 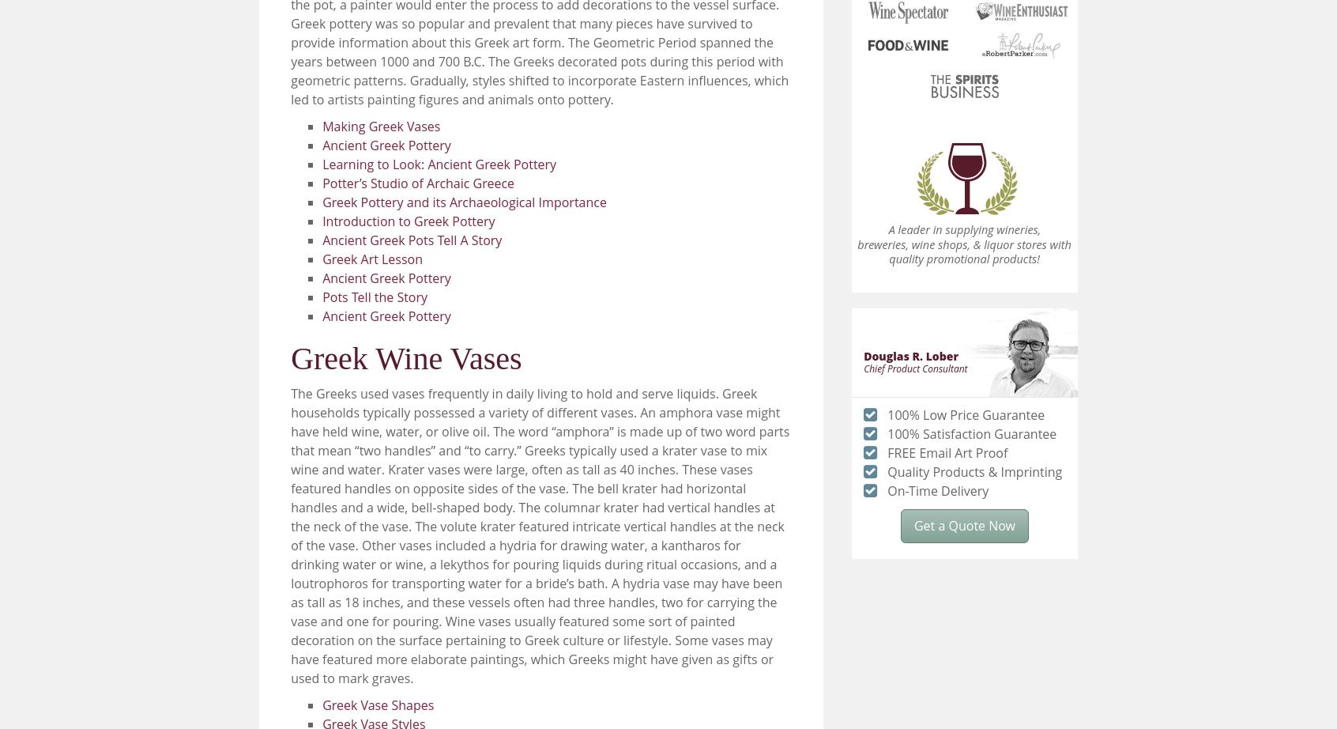 What do you see at coordinates (966, 414) in the screenshot?
I see `'100% Low Price Guarantee'` at bounding box center [966, 414].